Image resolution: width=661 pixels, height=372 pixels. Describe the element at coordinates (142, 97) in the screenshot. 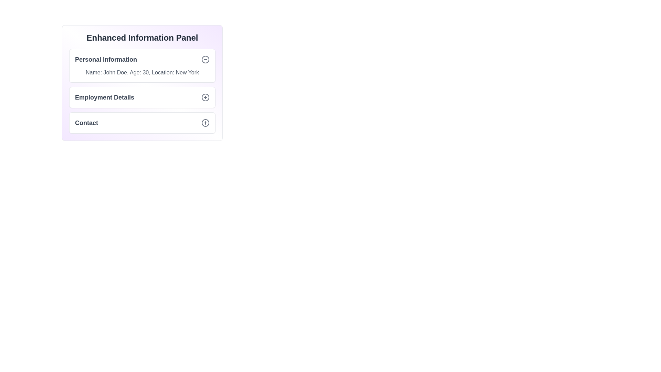

I see `the 'Employment Details' section, which has a light-colored background and rounded corners, and includes a '+' button on the far-right side` at that location.